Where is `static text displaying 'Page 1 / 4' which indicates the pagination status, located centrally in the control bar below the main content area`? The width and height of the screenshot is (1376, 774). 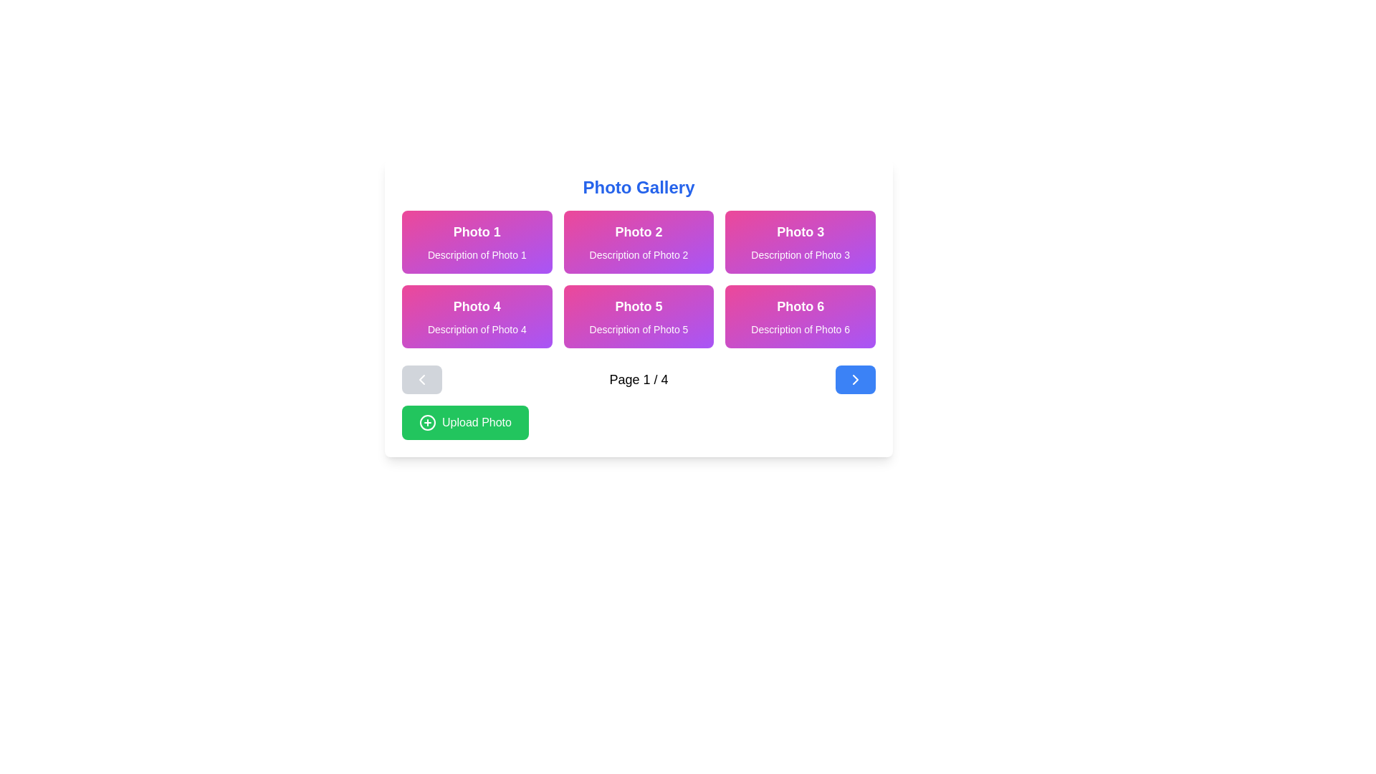
static text displaying 'Page 1 / 4' which indicates the pagination status, located centrally in the control bar below the main content area is located at coordinates (638, 378).